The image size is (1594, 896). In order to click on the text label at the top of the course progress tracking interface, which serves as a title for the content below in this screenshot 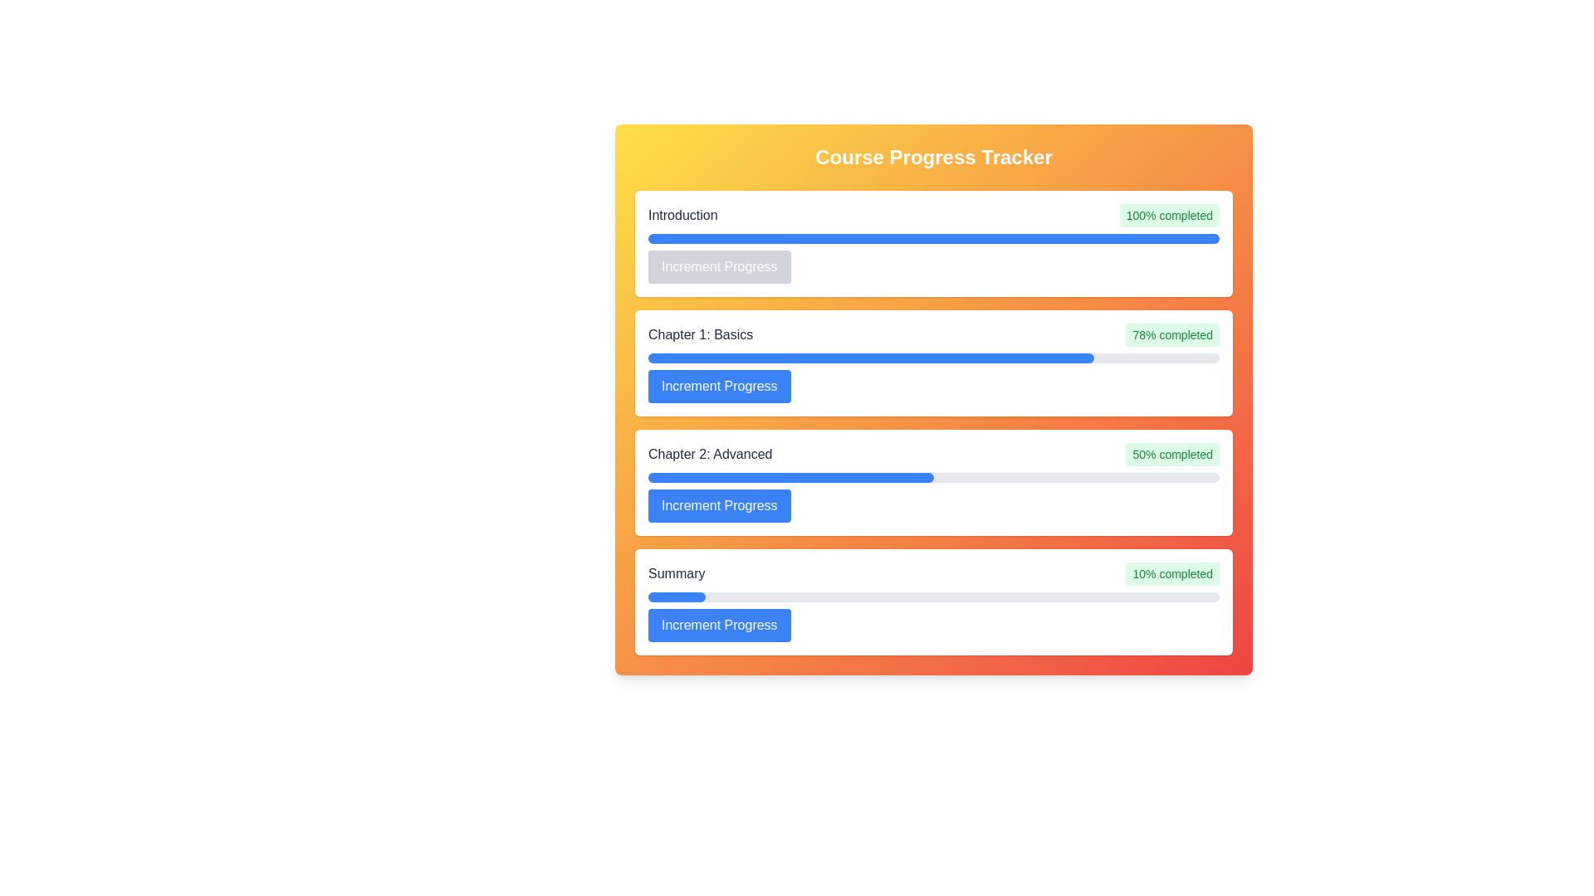, I will do `click(933, 157)`.